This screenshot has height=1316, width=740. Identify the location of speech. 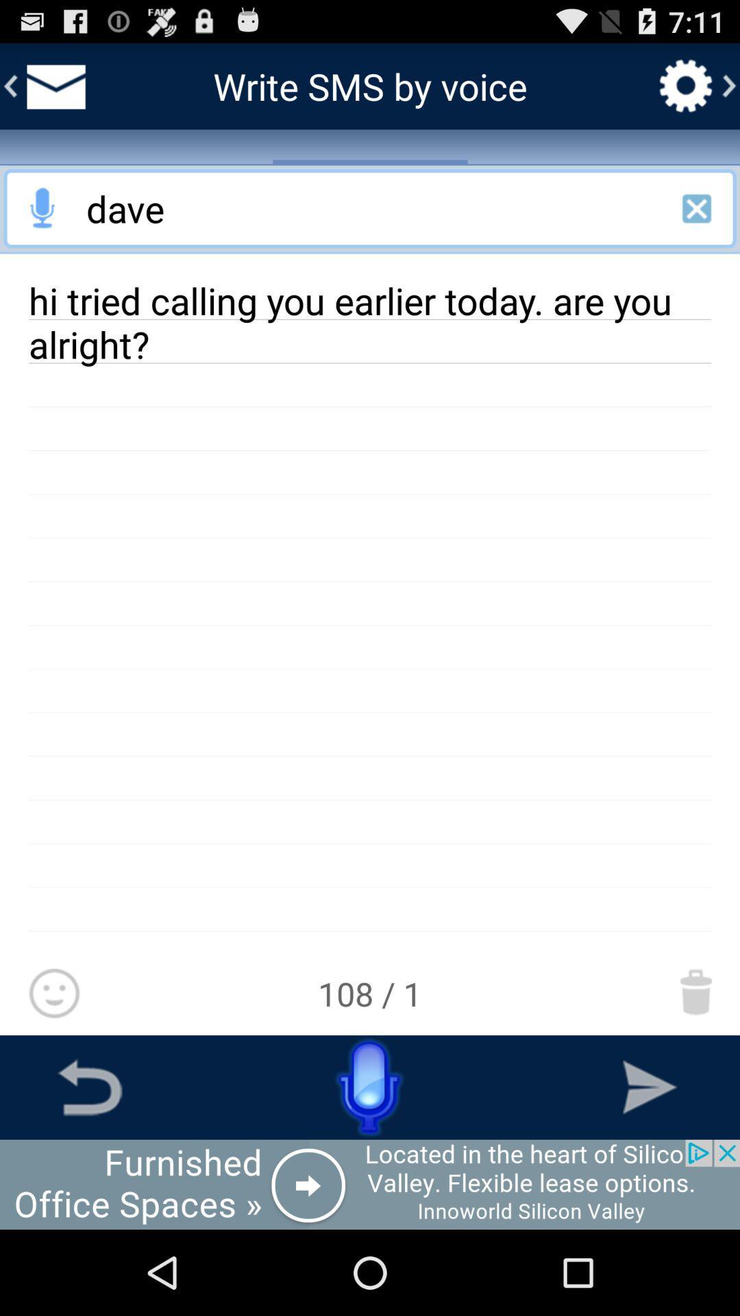
(370, 1086).